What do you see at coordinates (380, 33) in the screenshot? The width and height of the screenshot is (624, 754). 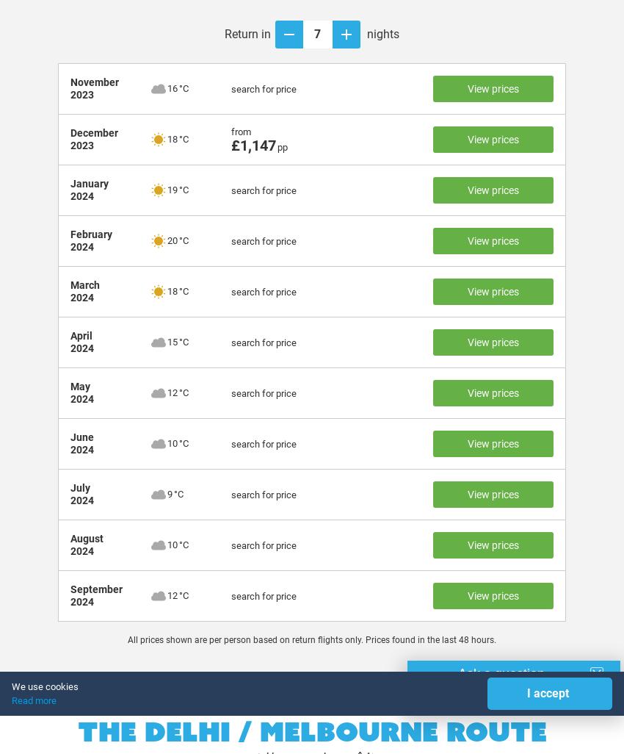 I see `'nights'` at bounding box center [380, 33].